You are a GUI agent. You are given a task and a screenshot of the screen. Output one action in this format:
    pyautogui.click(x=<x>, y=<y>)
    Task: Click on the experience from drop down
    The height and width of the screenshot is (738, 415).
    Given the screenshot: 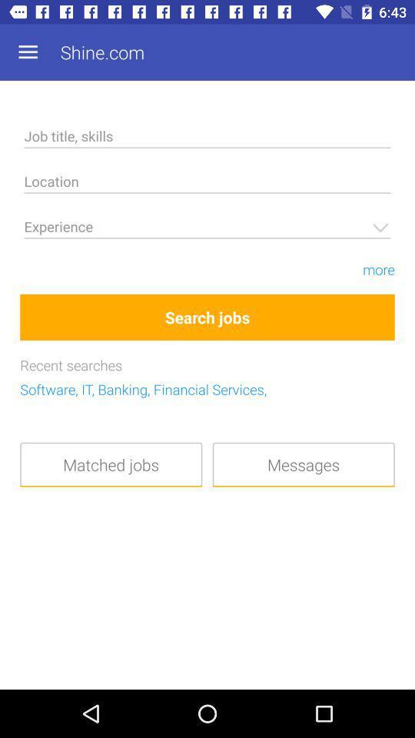 What is the action you would take?
    pyautogui.click(x=207, y=228)
    